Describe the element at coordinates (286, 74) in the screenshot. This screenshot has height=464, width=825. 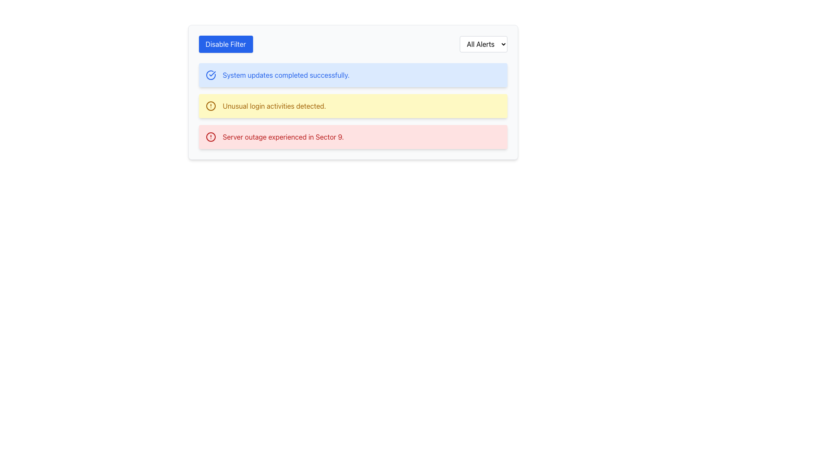
I see `message from the text label indicating that system updates have been successfully completed, located in the first notification card with a light blue background and a checkmark icon on the left` at that location.